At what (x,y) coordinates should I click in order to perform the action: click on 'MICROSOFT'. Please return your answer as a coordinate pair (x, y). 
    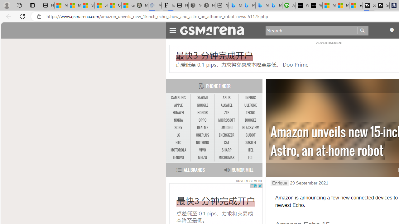
    Looking at the image, I should click on (226, 120).